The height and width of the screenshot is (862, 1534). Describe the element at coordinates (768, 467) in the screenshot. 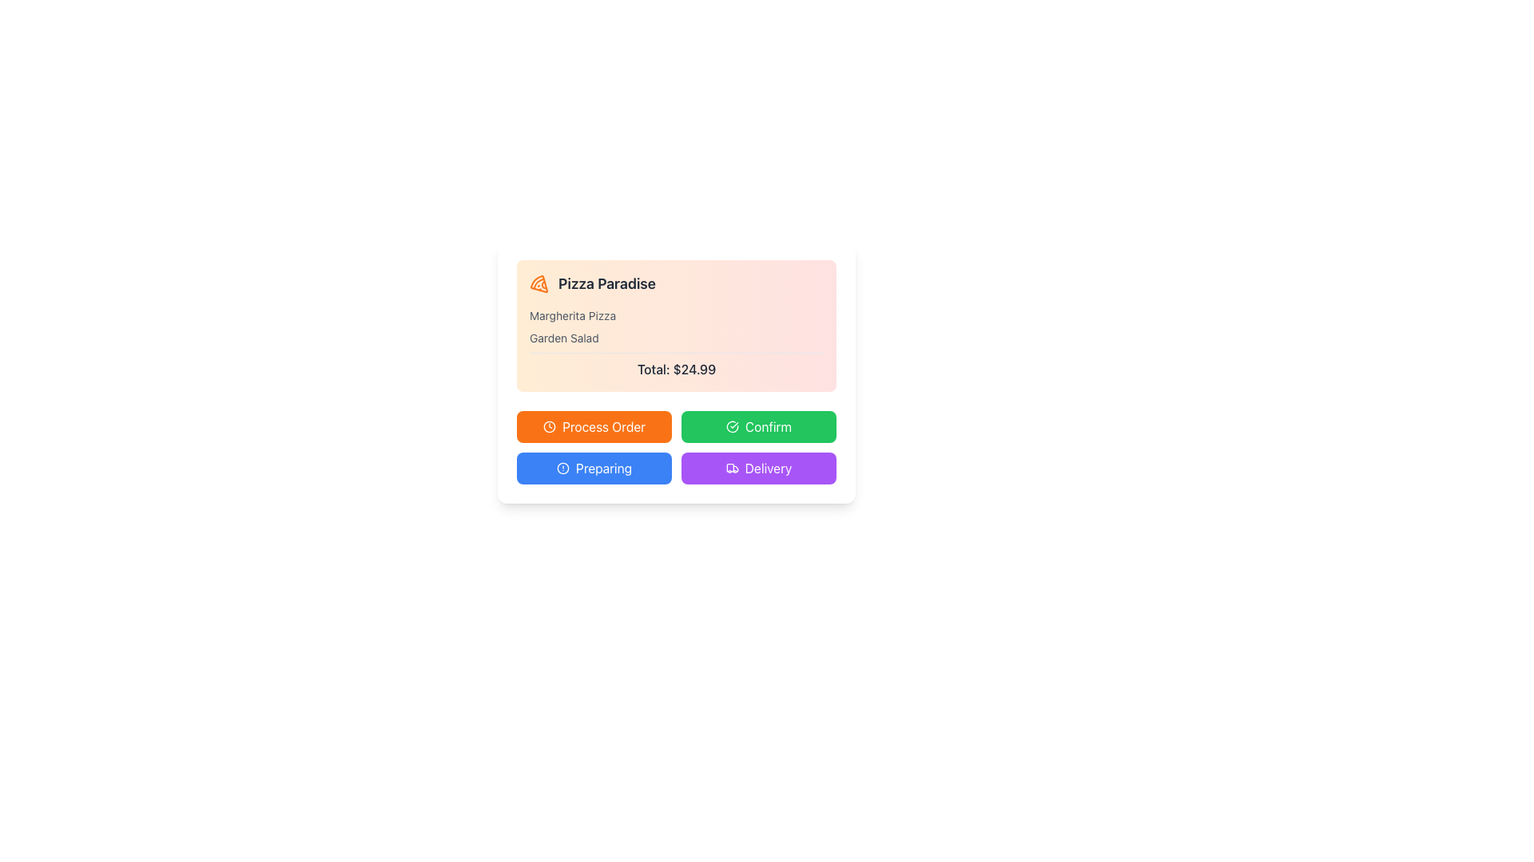

I see `the 'Delivery' button, which is styled with white text on a purple background and is the fourth button from the left in a horizontal arrangement of buttons located in the bottom-right corner of the interface` at that location.